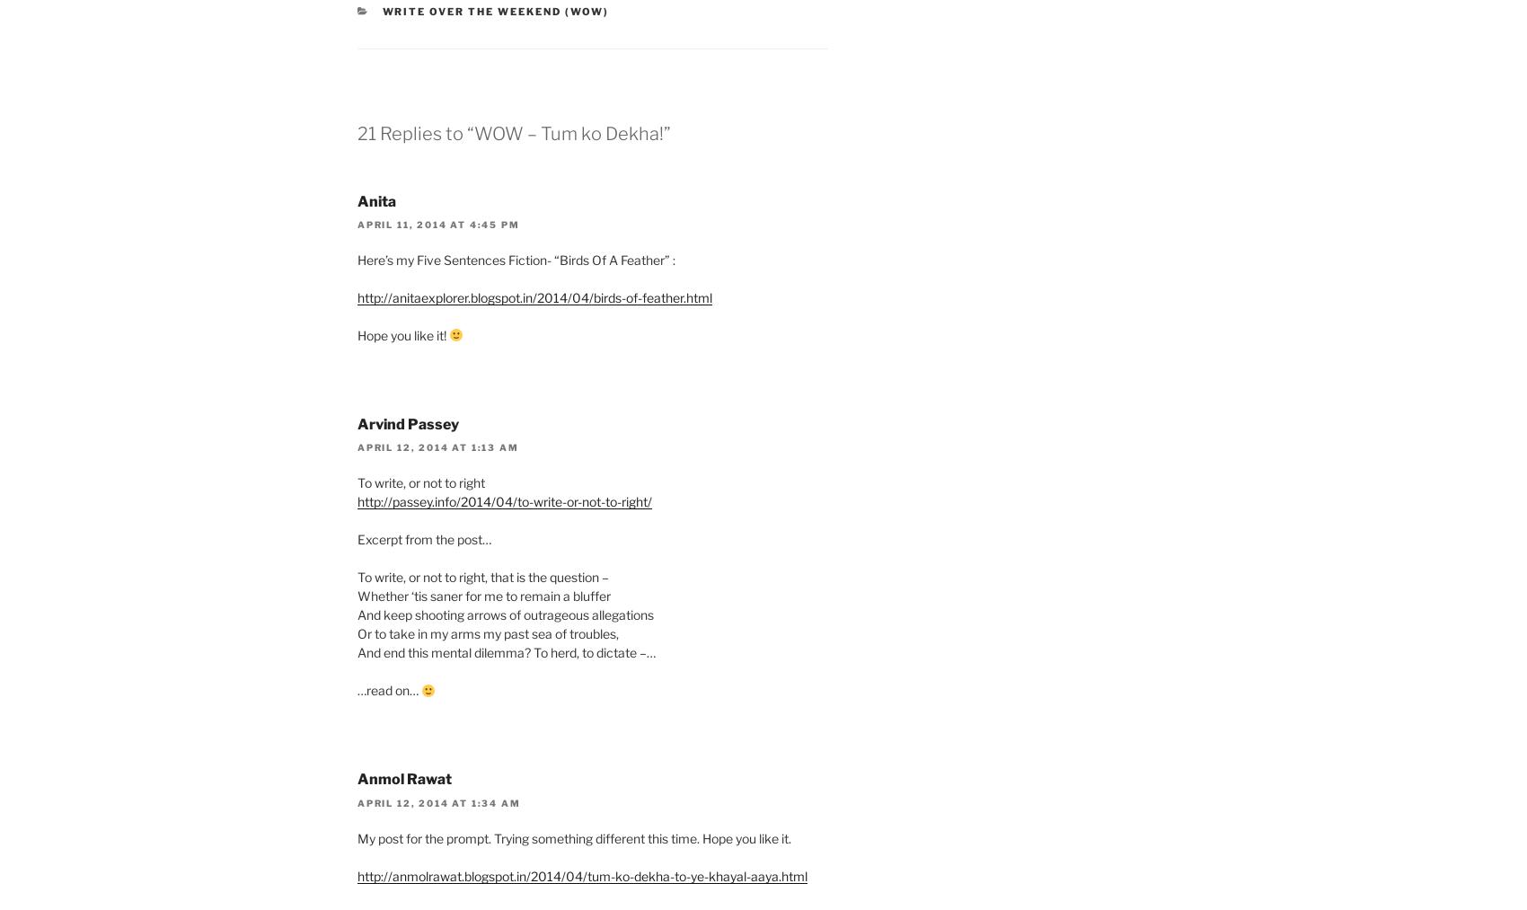 The image size is (1527, 910). I want to click on 'April 12, 2014 at 1:13 am', so click(356, 446).